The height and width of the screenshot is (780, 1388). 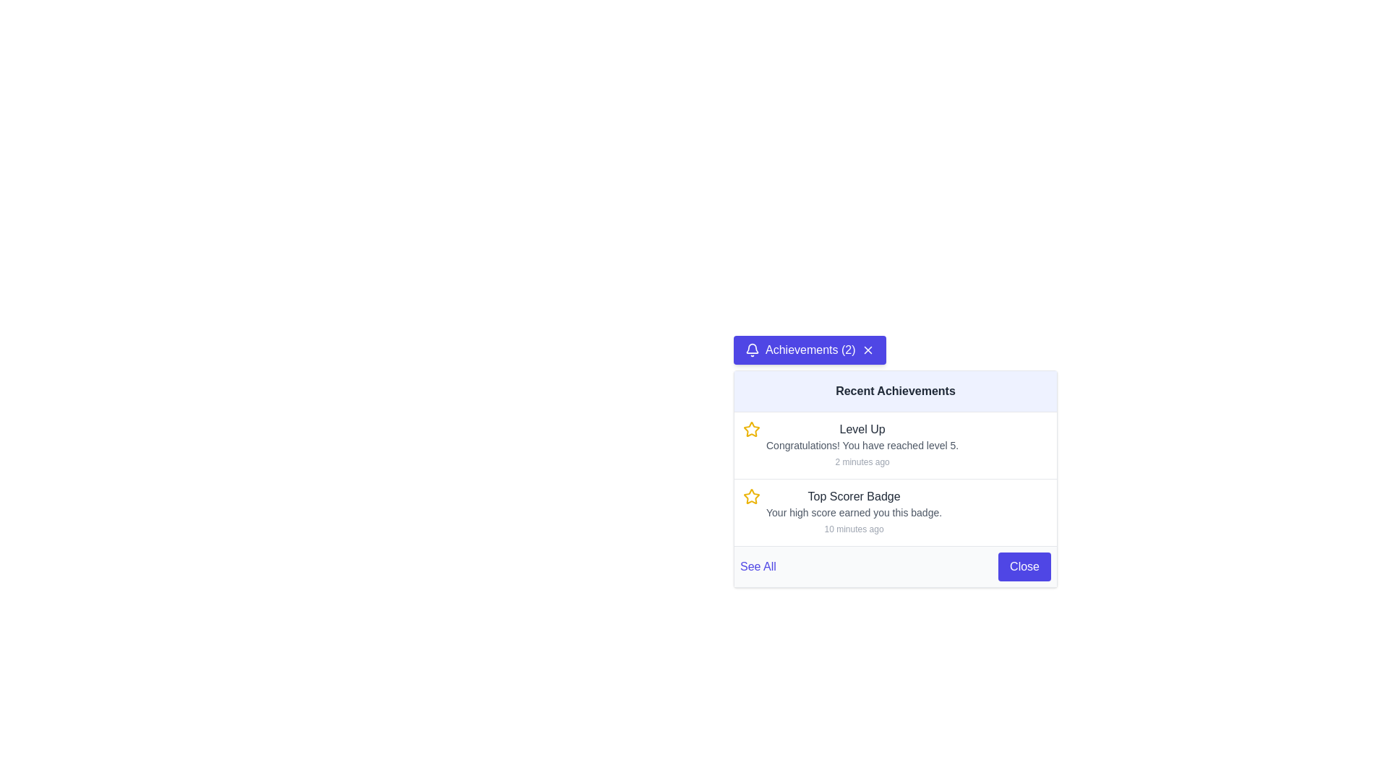 I want to click on the 'Achievements (2)' button with a purple background and white text, so click(x=810, y=350).